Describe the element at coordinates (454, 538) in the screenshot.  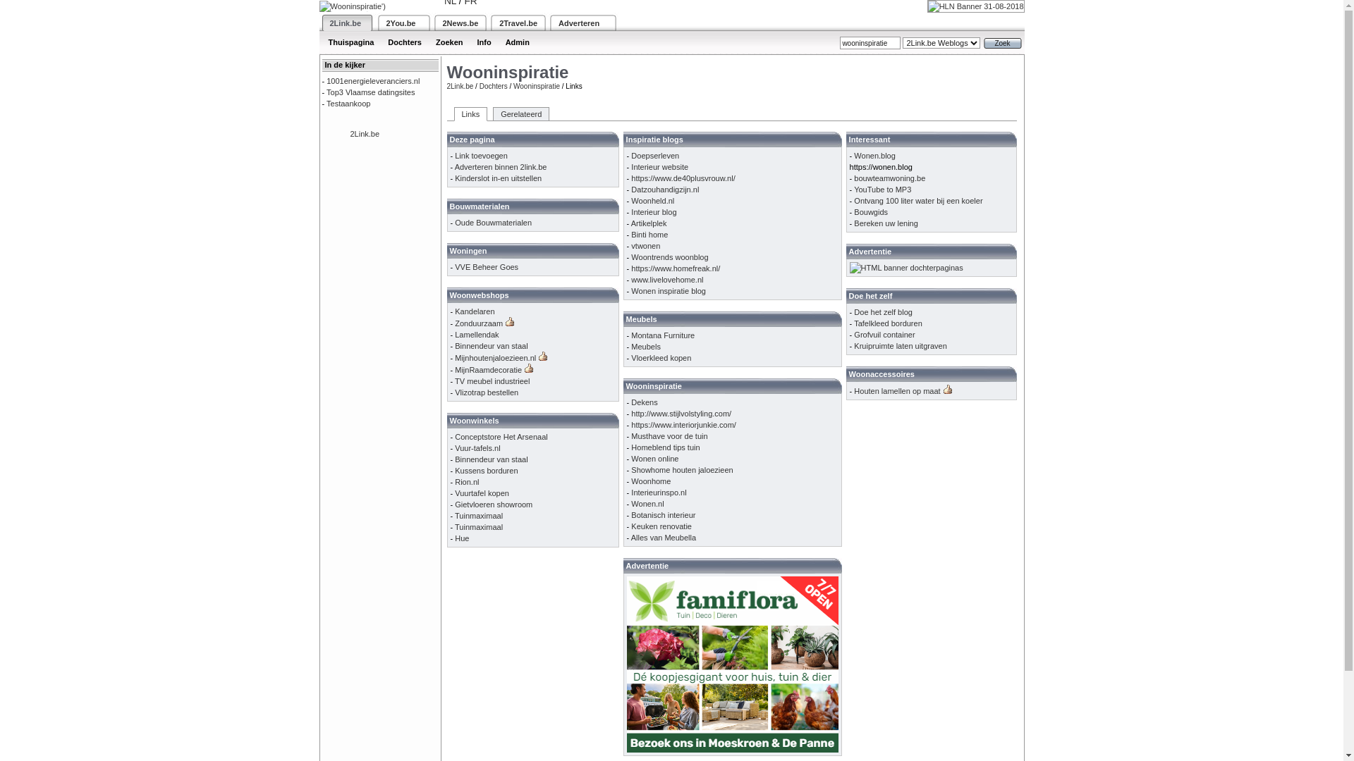
I see `'Hue'` at that location.